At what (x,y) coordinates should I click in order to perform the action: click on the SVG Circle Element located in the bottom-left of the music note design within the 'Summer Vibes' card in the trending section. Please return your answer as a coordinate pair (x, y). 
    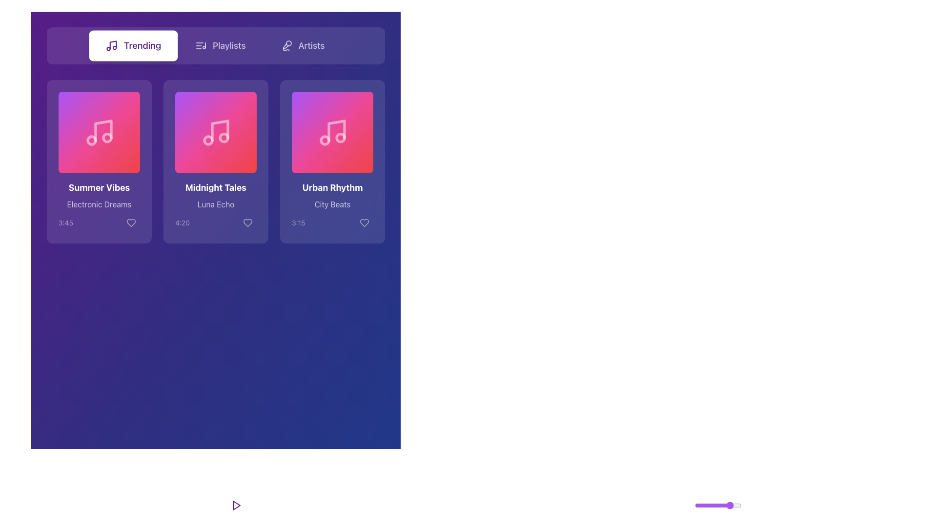
    Looking at the image, I should click on (91, 140).